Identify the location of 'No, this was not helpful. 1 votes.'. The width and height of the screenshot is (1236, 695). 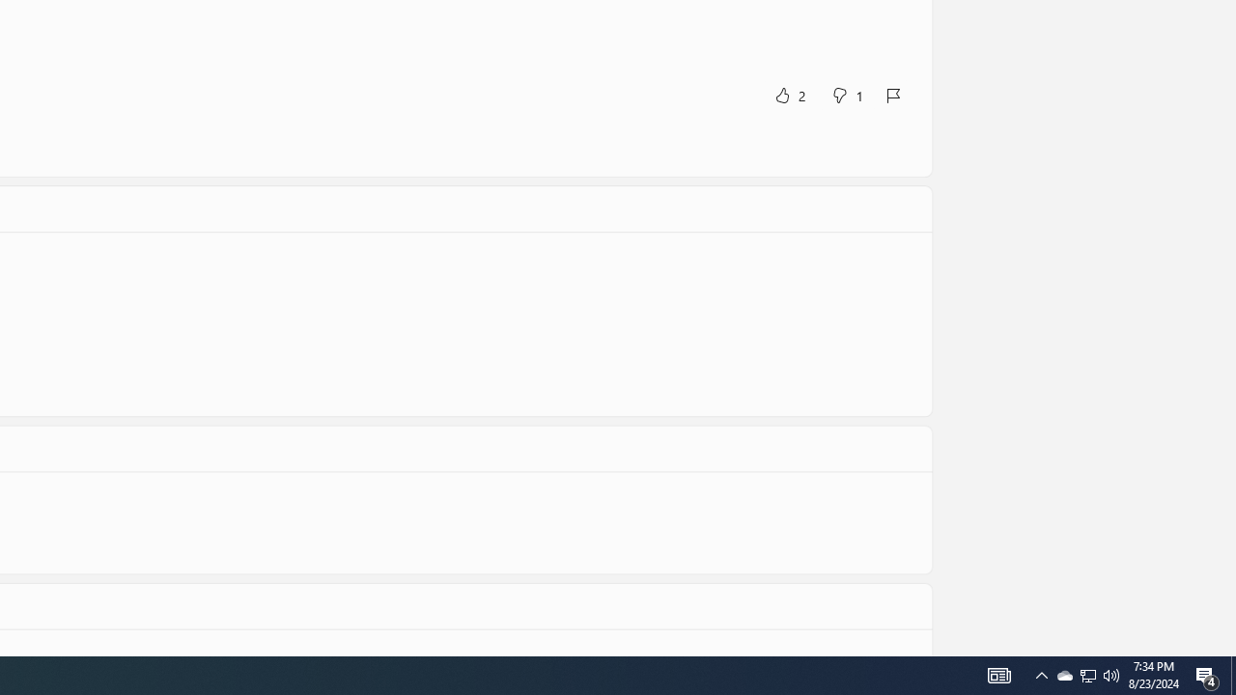
(846, 95).